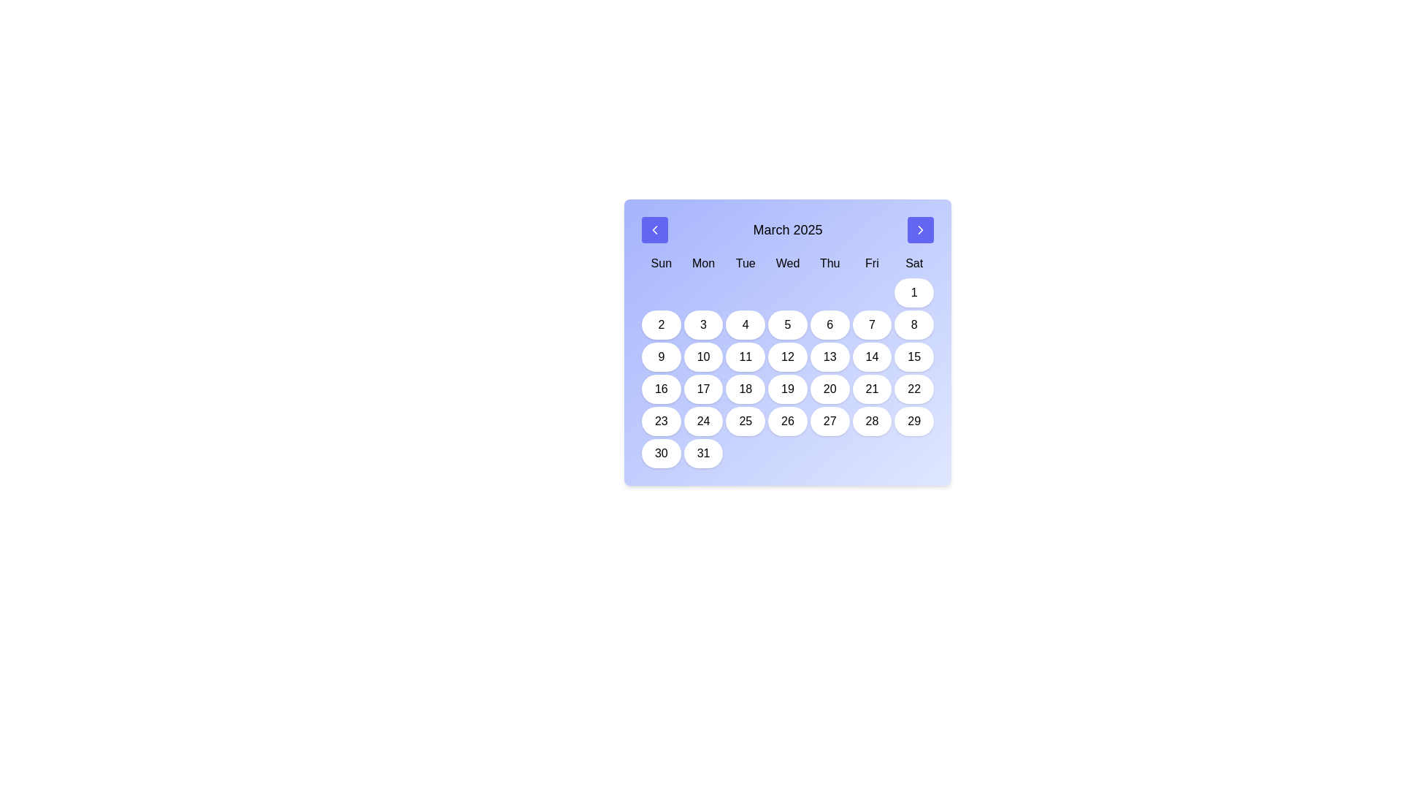 The height and width of the screenshot is (789, 1402). Describe the element at coordinates (920, 230) in the screenshot. I see `the right-facing chevron icon button located at the top-right corner of the calendar interface` at that location.